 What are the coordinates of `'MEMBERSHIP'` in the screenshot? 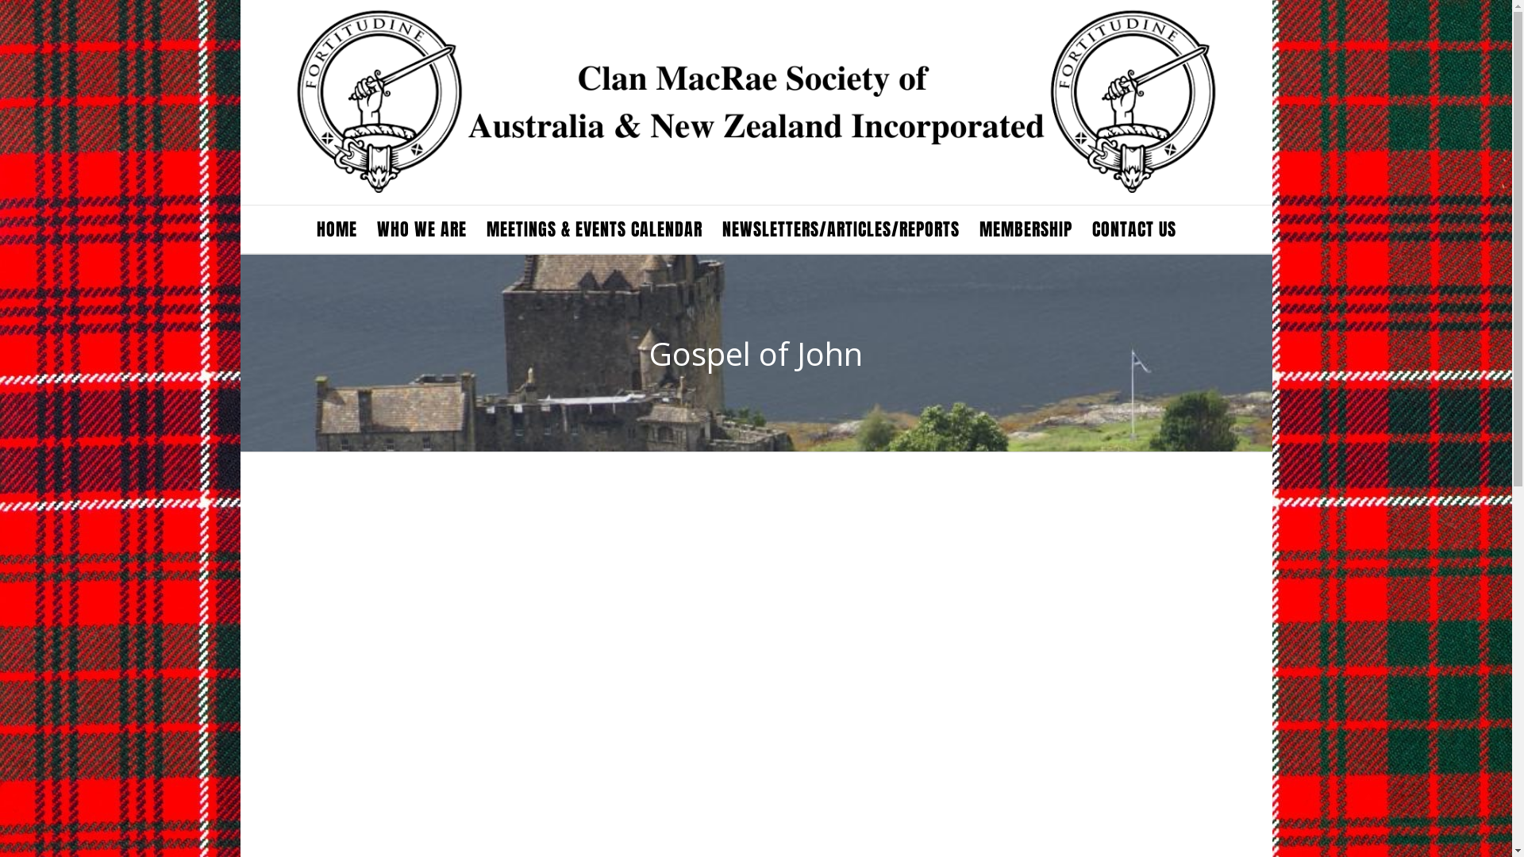 It's located at (1026, 229).